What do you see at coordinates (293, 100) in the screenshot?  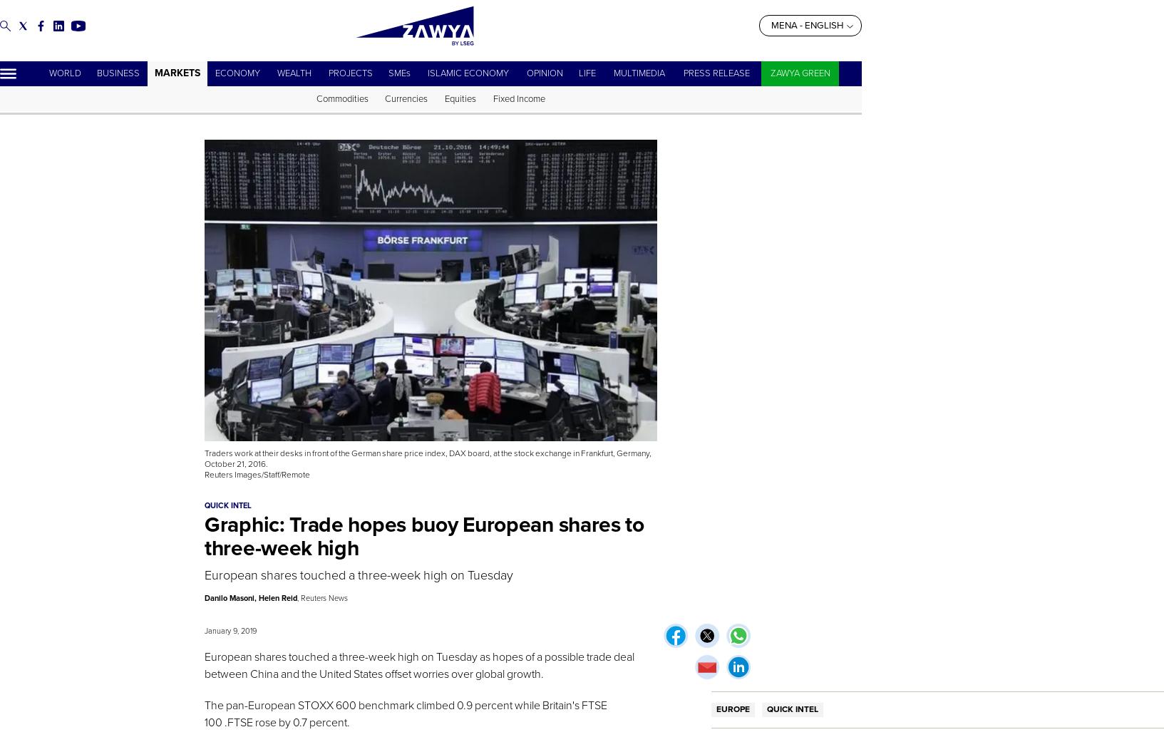 I see `'Corporate Earnings - Q3, 2023'` at bounding box center [293, 100].